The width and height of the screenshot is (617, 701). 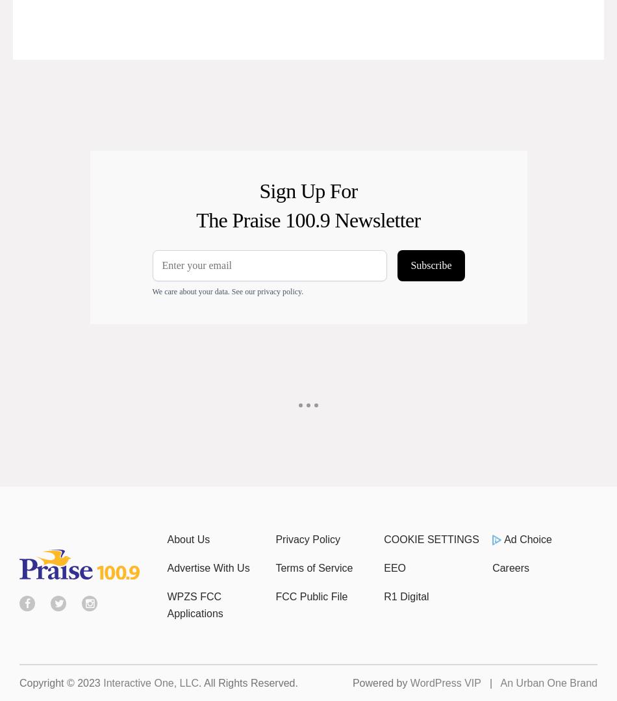 I want to click on '.
		All Rights Reserved.', so click(x=247, y=682).